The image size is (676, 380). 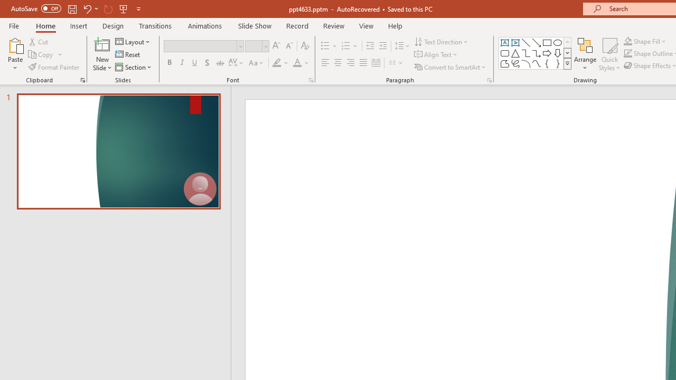 What do you see at coordinates (628, 53) in the screenshot?
I see `'Shape Outline Dark Red, Accent 1'` at bounding box center [628, 53].